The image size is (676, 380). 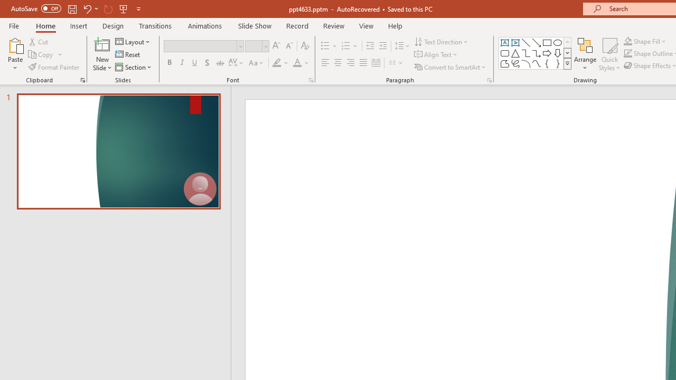 What do you see at coordinates (628, 53) in the screenshot?
I see `'Shape Outline Dark Red, Accent 1'` at bounding box center [628, 53].